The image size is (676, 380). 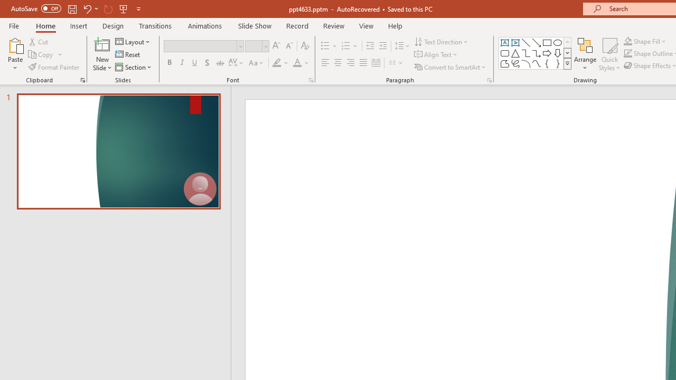 What do you see at coordinates (628, 53) in the screenshot?
I see `'Shape Outline Dark Red, Accent 1'` at bounding box center [628, 53].